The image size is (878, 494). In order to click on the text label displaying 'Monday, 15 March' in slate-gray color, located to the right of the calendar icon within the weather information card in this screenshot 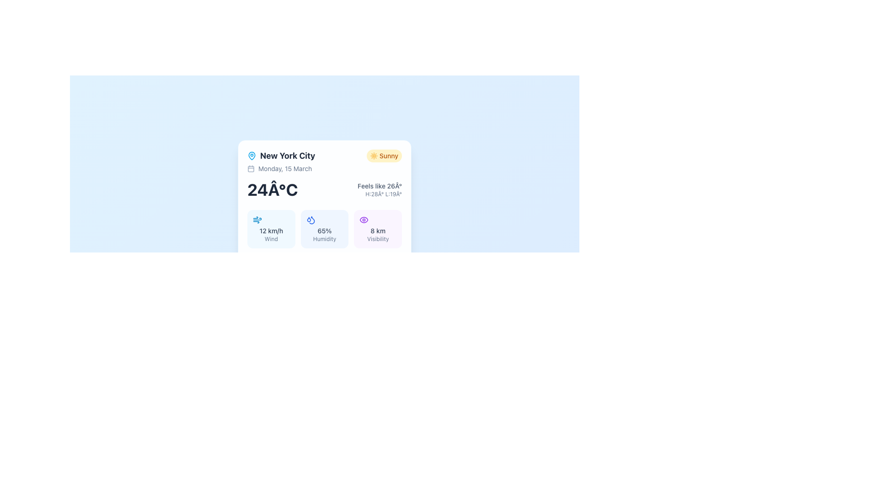, I will do `click(284, 169)`.